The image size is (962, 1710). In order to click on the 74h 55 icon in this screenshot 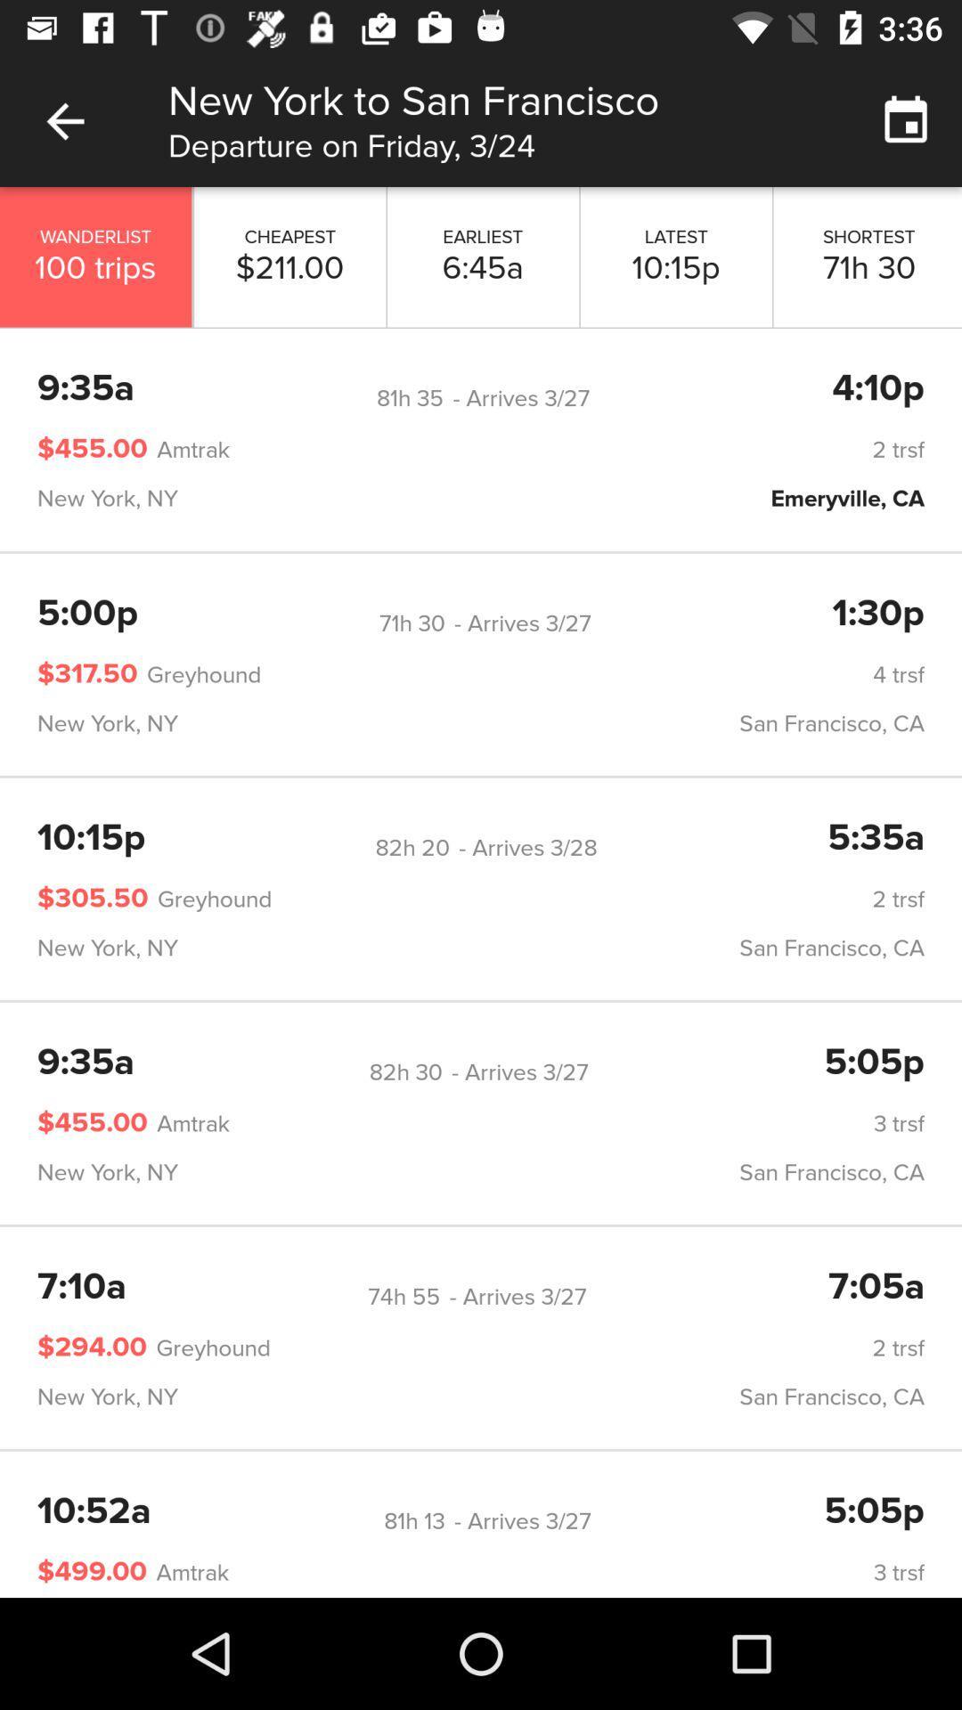, I will do `click(404, 1297)`.